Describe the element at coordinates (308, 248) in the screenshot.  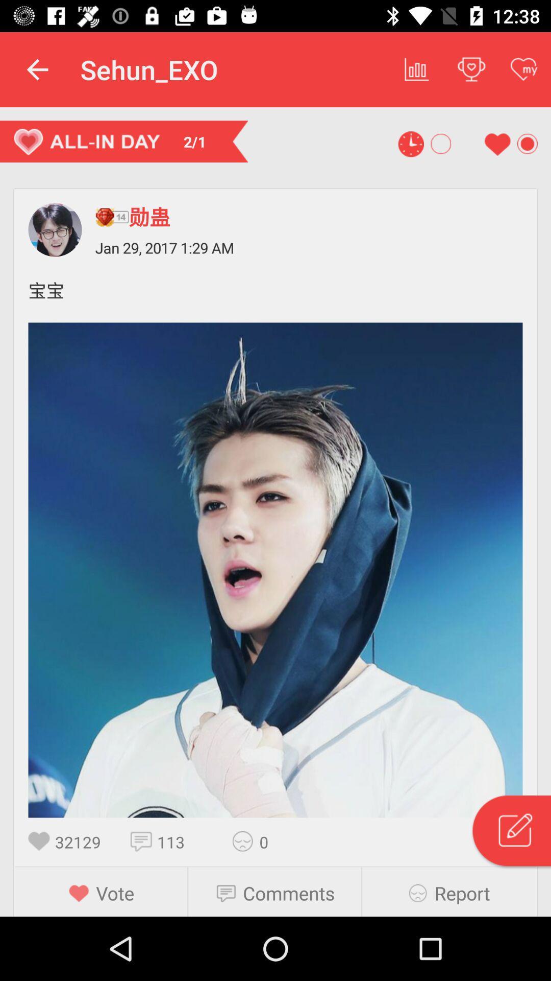
I see `jan 29 2017 icon` at that location.